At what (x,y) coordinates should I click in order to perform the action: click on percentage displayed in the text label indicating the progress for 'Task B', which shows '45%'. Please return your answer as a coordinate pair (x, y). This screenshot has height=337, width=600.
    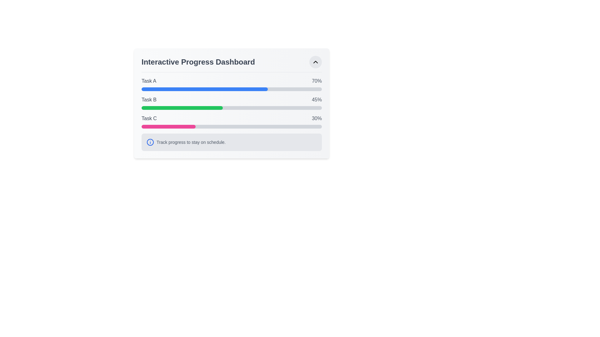
    Looking at the image, I should click on (317, 100).